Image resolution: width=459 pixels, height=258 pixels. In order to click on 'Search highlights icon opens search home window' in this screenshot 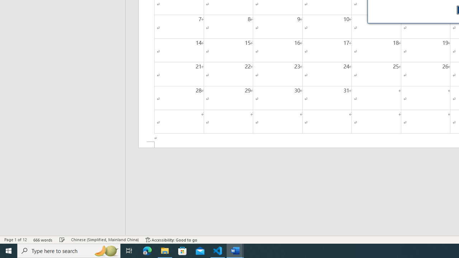, I will do `click(105, 250)`.